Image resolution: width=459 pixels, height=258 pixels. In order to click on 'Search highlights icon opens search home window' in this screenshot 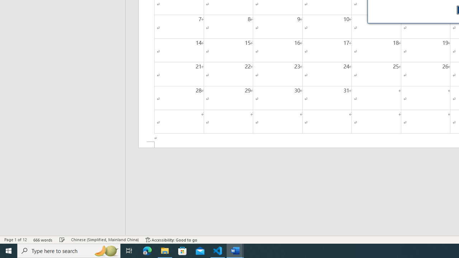, I will do `click(105, 250)`.